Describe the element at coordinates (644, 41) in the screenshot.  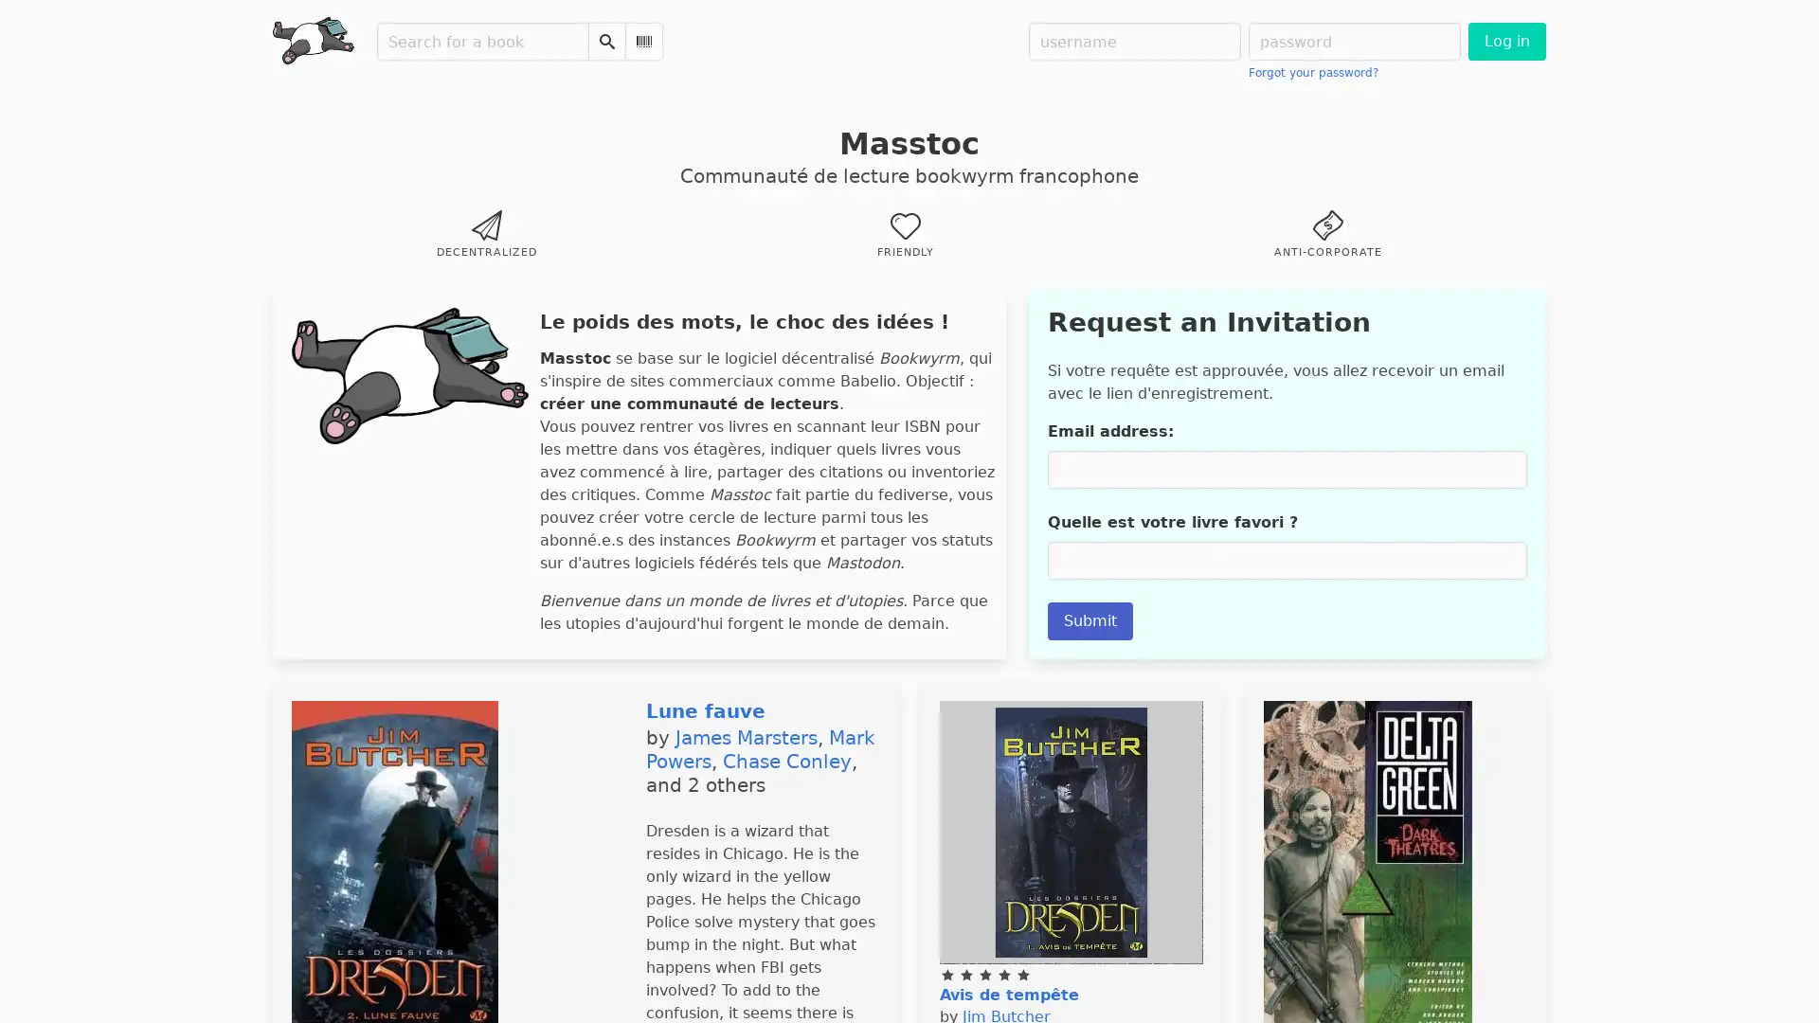
I see `Scan Barcode` at that location.